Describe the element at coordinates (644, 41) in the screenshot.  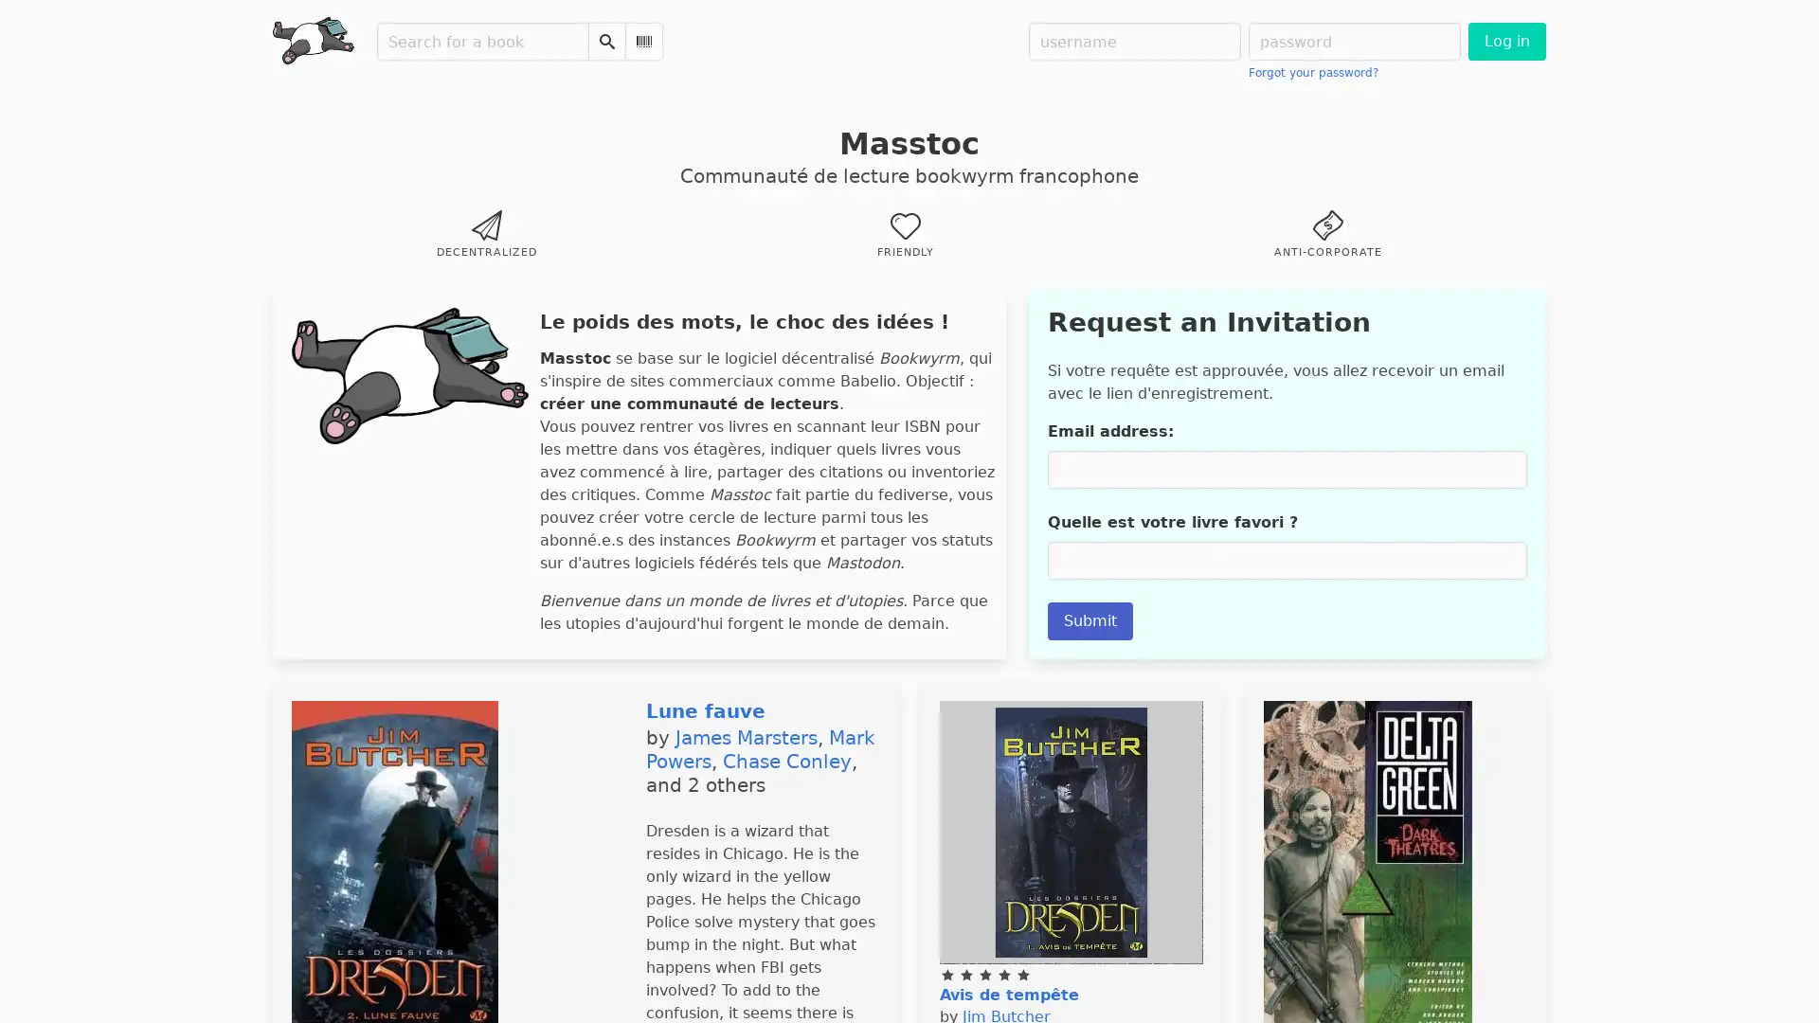
I see `Scan Barcode` at that location.